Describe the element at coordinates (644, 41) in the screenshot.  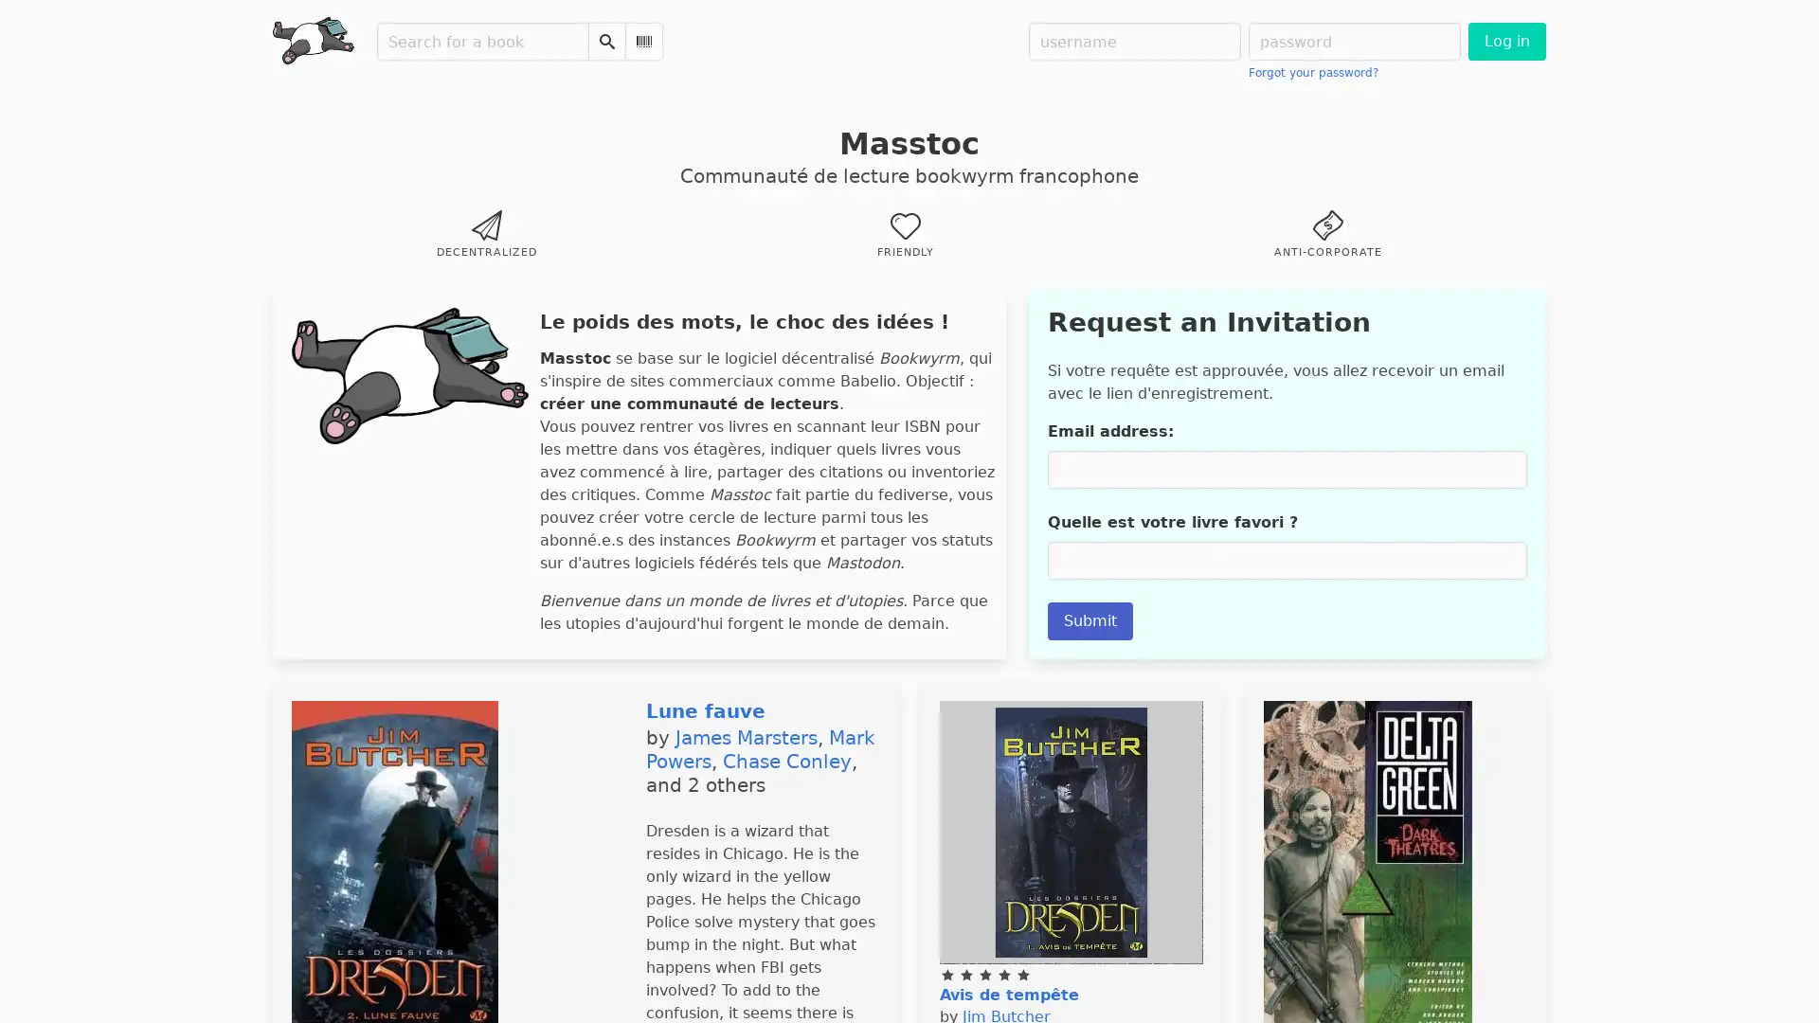
I see `Scan Barcode` at that location.